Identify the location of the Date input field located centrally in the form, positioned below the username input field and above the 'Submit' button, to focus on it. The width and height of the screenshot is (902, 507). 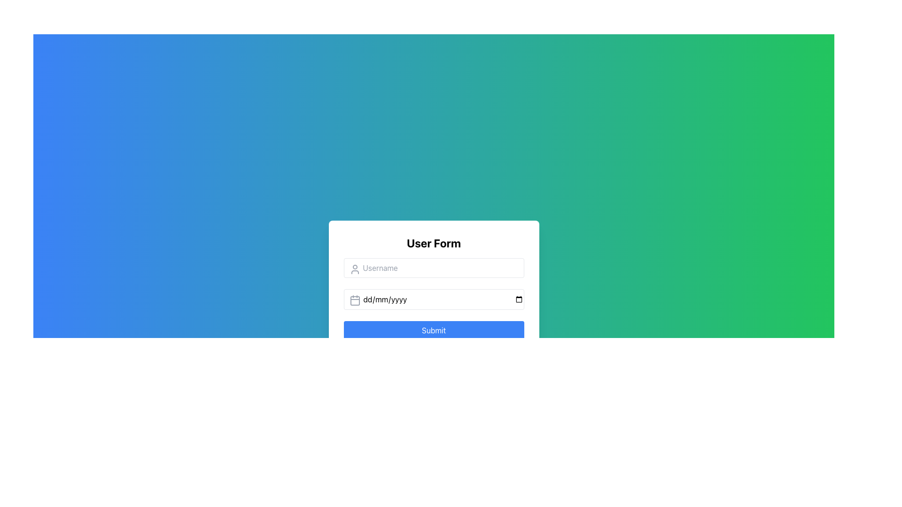
(433, 299).